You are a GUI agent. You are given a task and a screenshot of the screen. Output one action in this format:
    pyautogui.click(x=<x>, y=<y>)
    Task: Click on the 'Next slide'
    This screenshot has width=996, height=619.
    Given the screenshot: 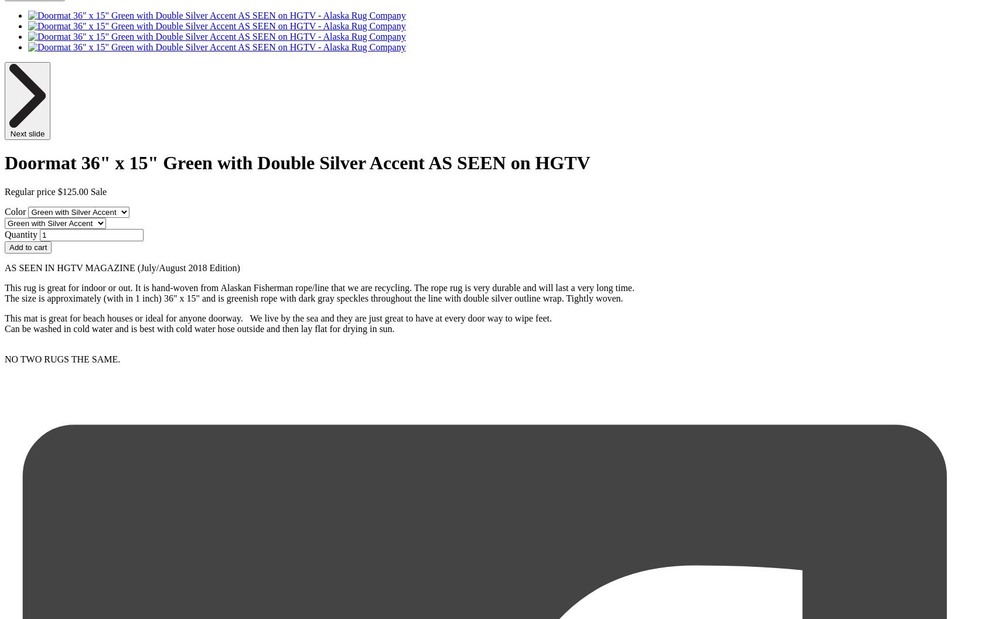 What is the action you would take?
    pyautogui.click(x=27, y=133)
    